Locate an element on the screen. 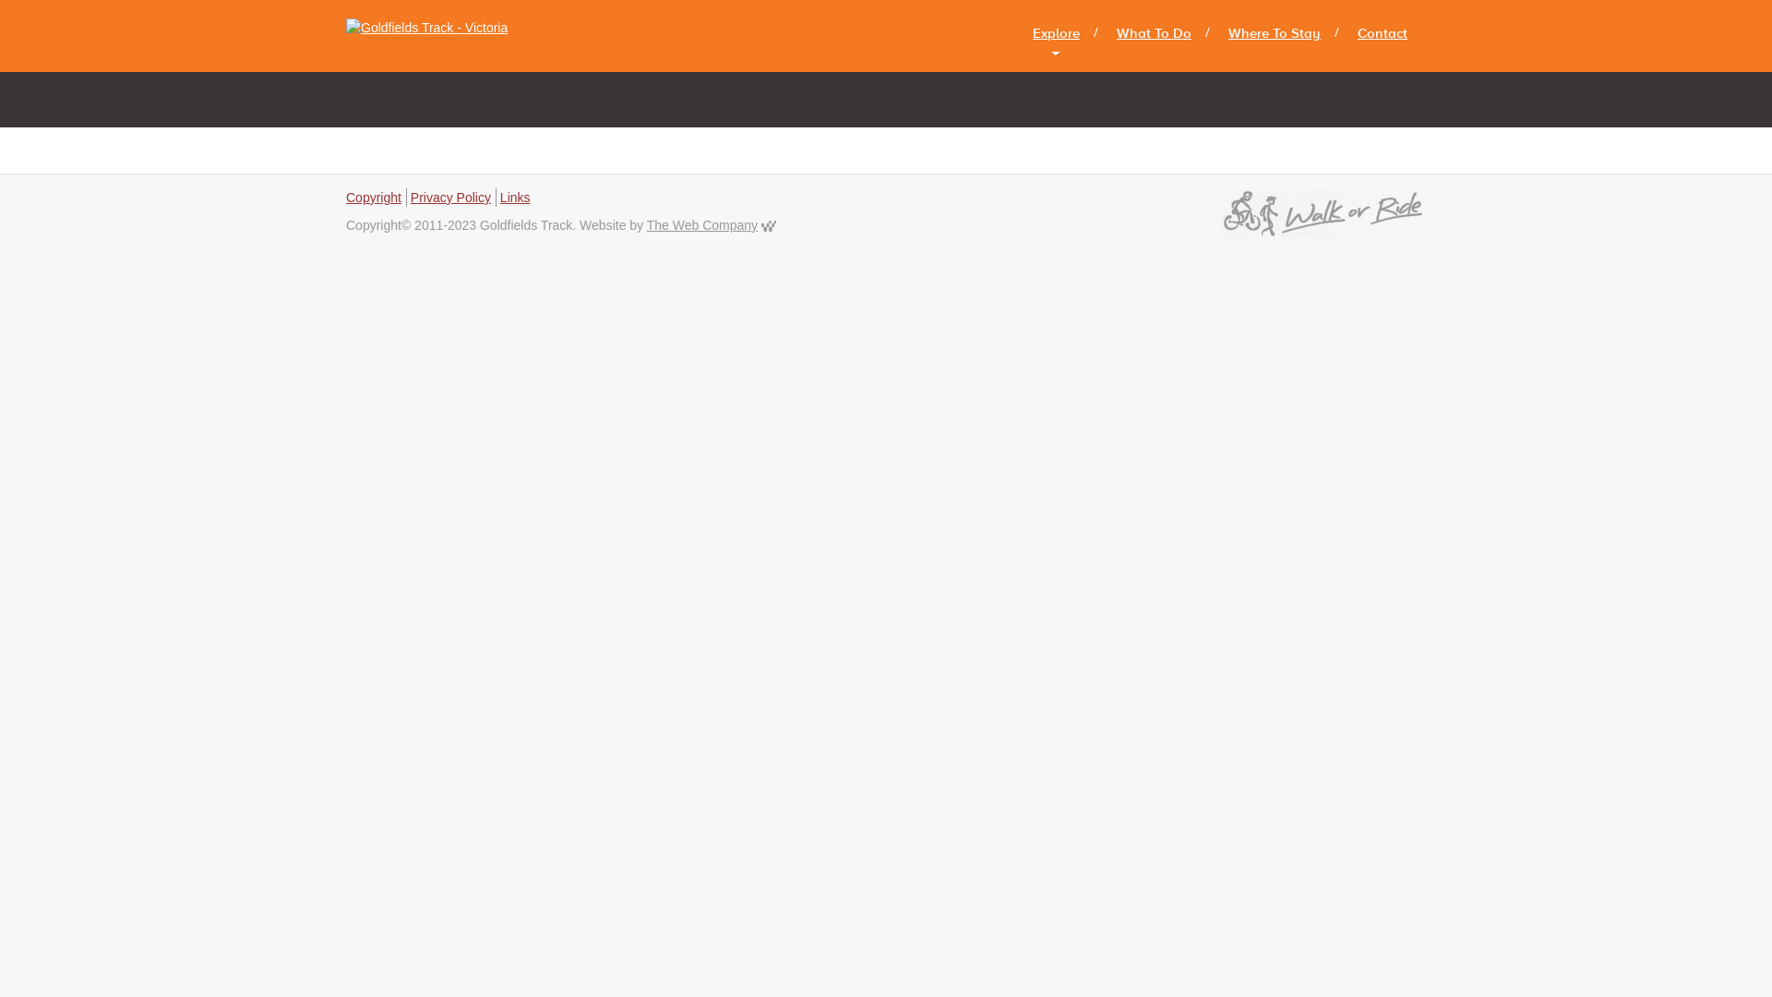 This screenshot has height=997, width=1772. 'What To Do' is located at coordinates (1153, 33).